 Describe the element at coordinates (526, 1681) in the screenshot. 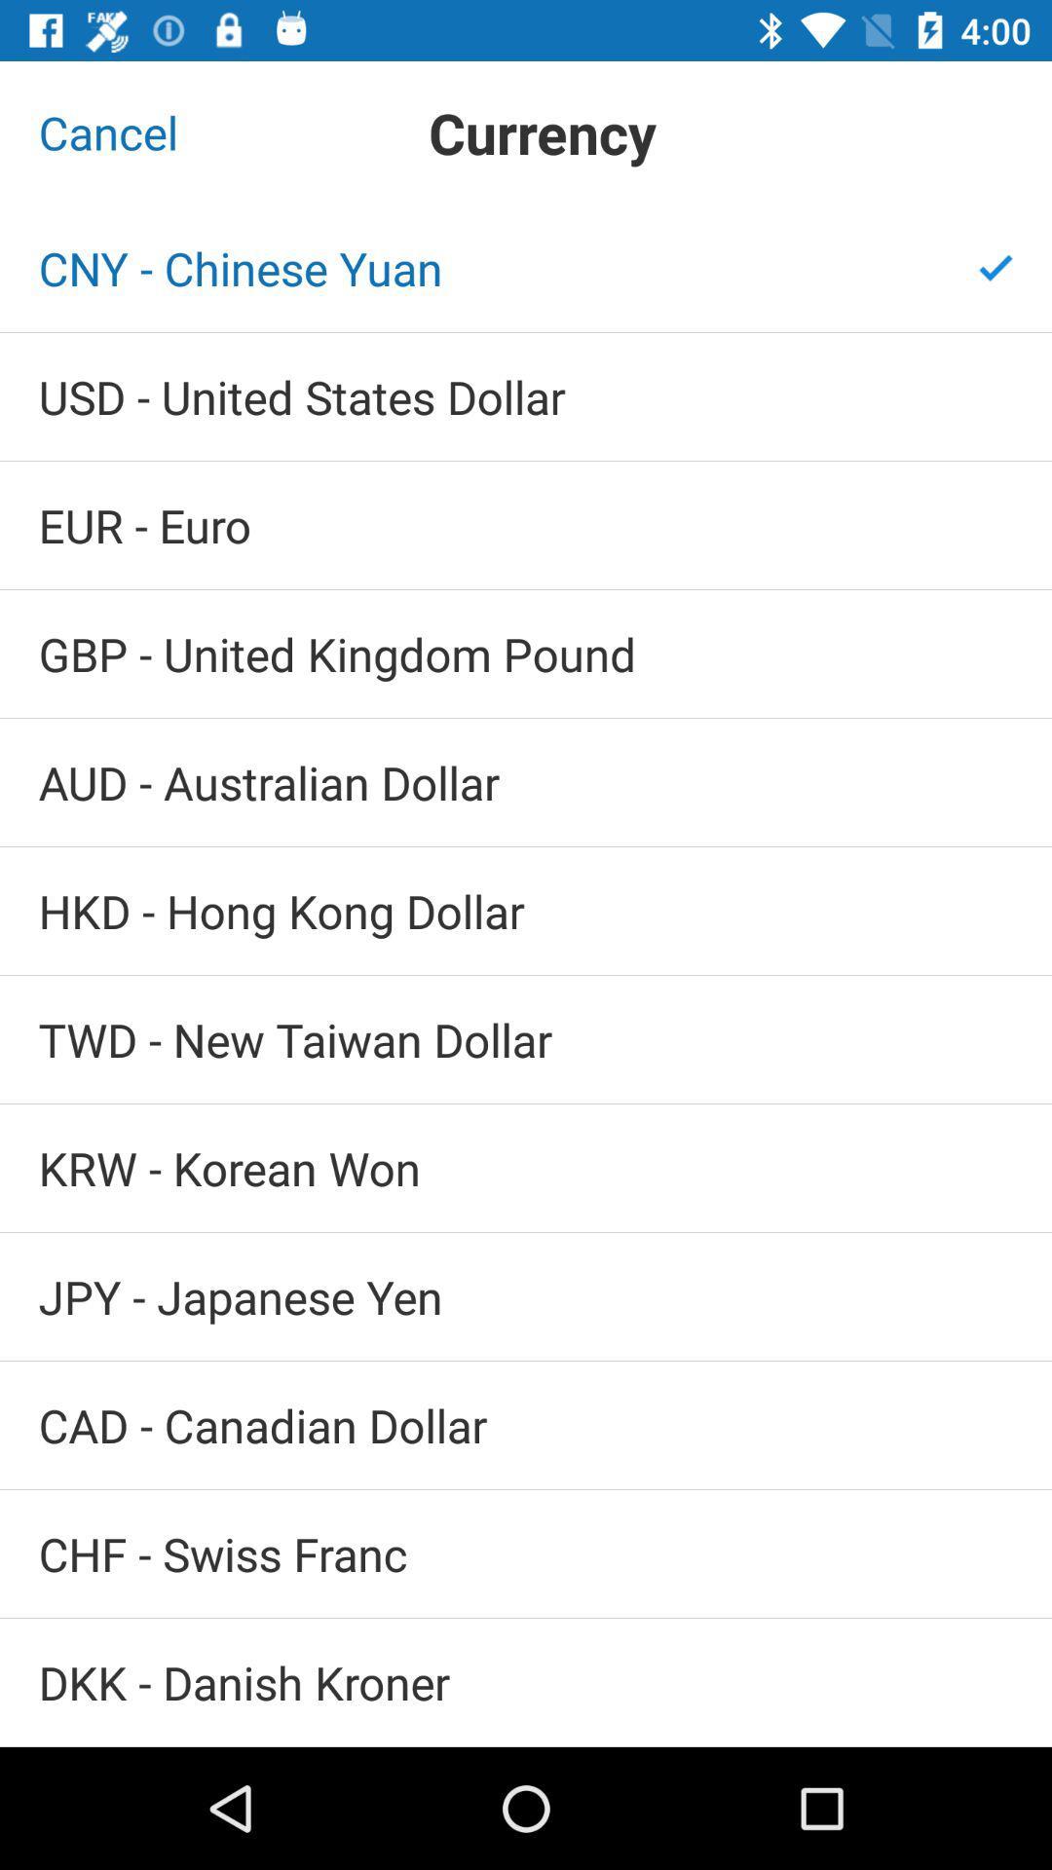

I see `dkk - danish kroner item` at that location.